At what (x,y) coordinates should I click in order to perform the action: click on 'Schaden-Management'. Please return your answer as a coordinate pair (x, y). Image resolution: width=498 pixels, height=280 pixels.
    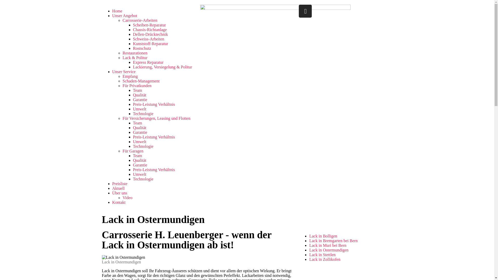
    Looking at the image, I should click on (141, 81).